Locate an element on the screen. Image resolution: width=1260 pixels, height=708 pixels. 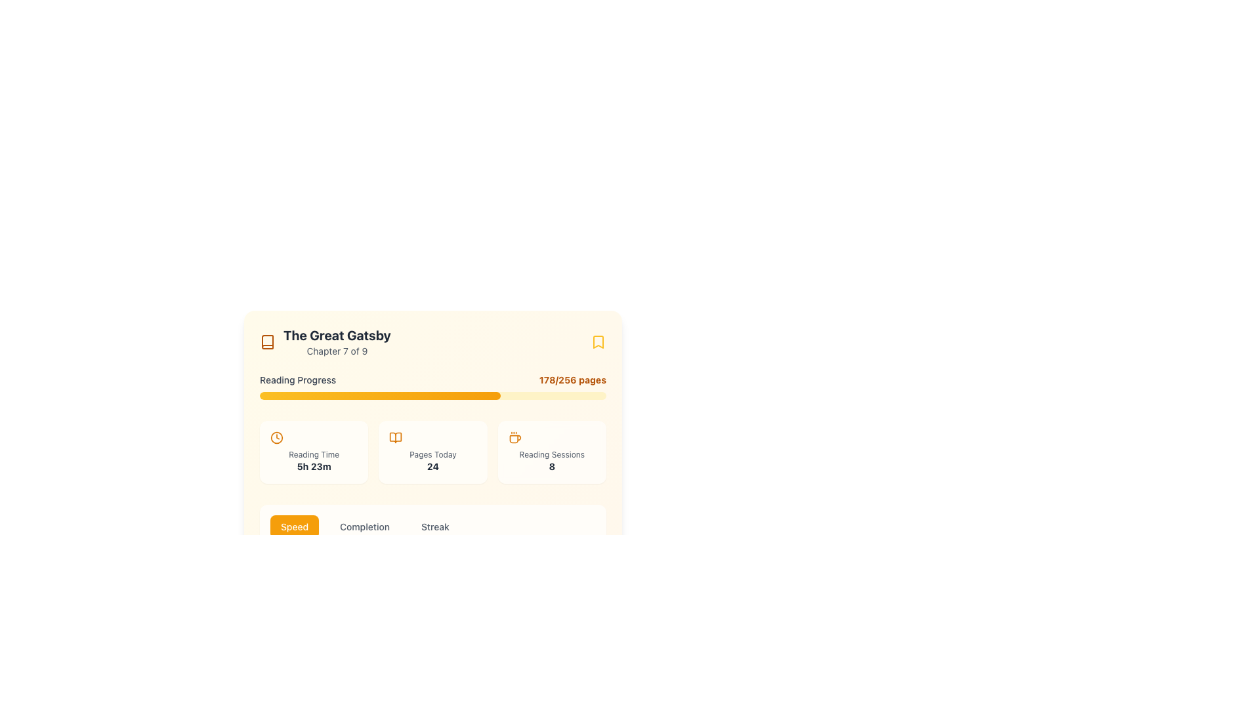
the right segment of the open book icon located in the top-right region of the interface, above the progress and statistics section is located at coordinates (395, 437).